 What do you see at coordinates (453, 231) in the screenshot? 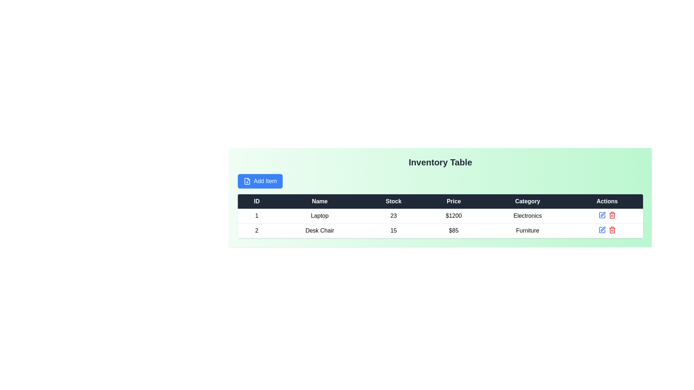
I see `the text label displaying the price value "$85" for the "Desk Chair" item, located in the fourth column of the second row within the table` at bounding box center [453, 231].